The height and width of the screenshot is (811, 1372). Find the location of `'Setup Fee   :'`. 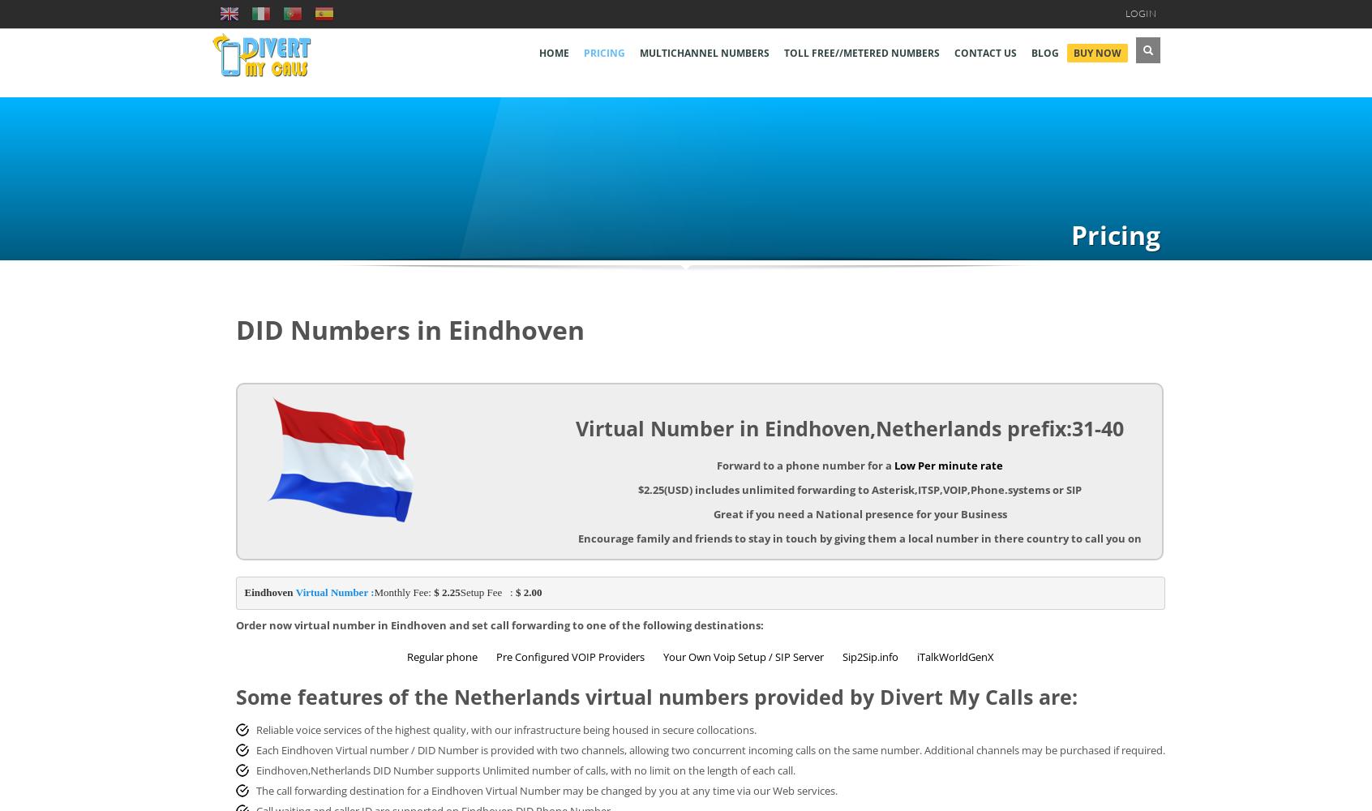

'Setup Fee   :' is located at coordinates (486, 591).